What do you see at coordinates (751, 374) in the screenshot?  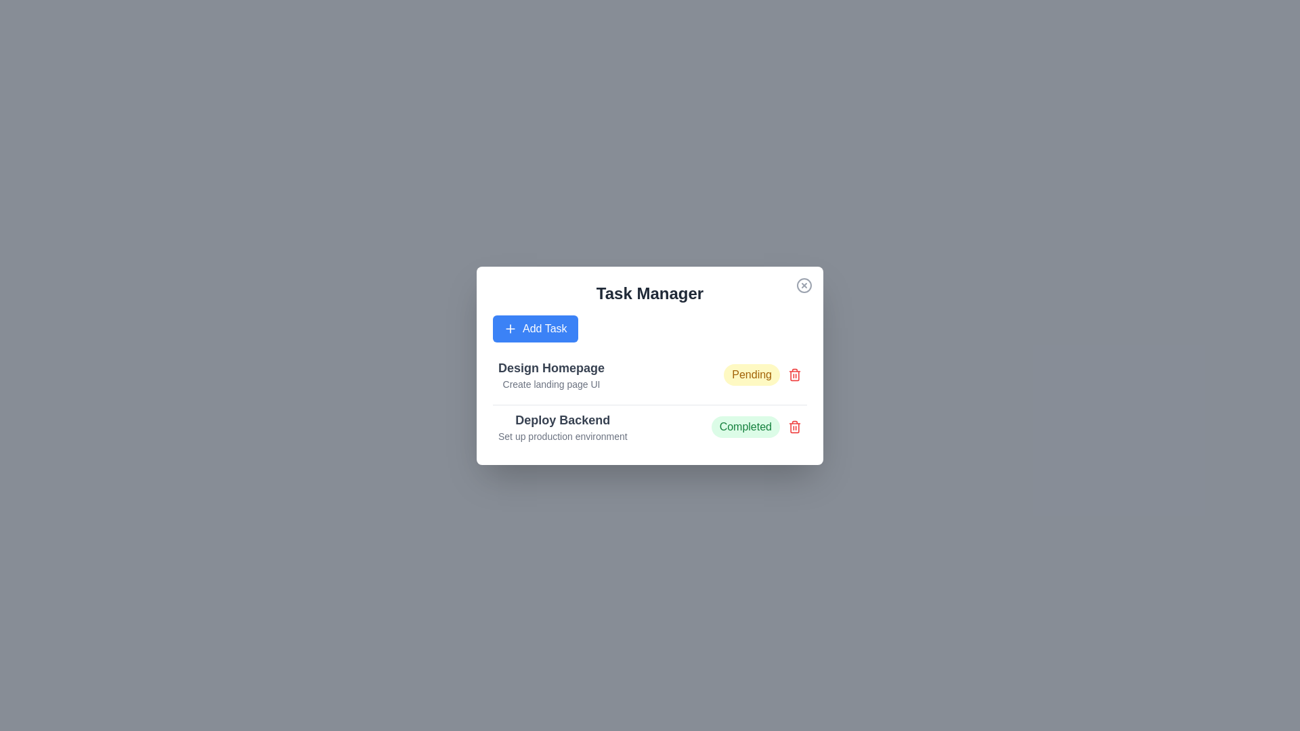 I see `the 'Pending' status badge located to the right of the 'Design Homepage' task title in the task list` at bounding box center [751, 374].